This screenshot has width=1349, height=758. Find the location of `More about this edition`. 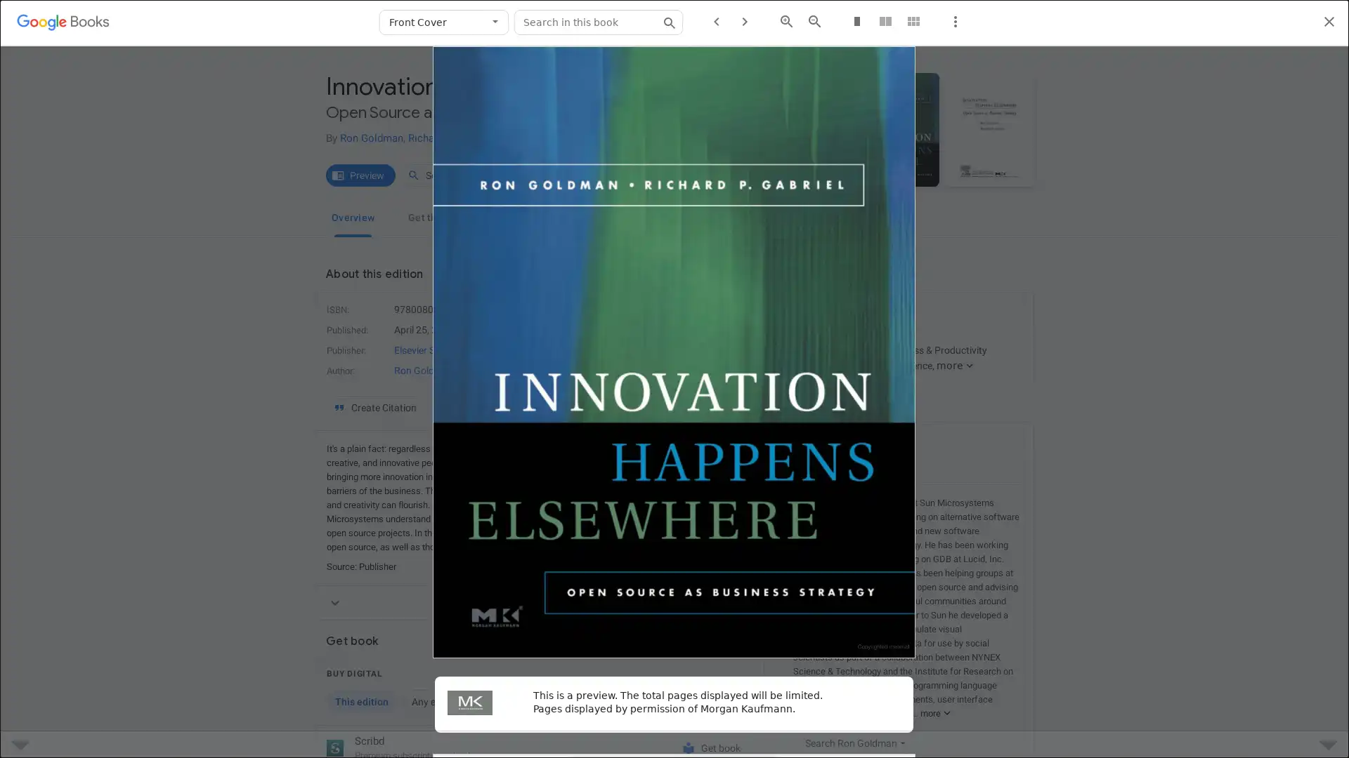

More about this edition is located at coordinates (539, 601).